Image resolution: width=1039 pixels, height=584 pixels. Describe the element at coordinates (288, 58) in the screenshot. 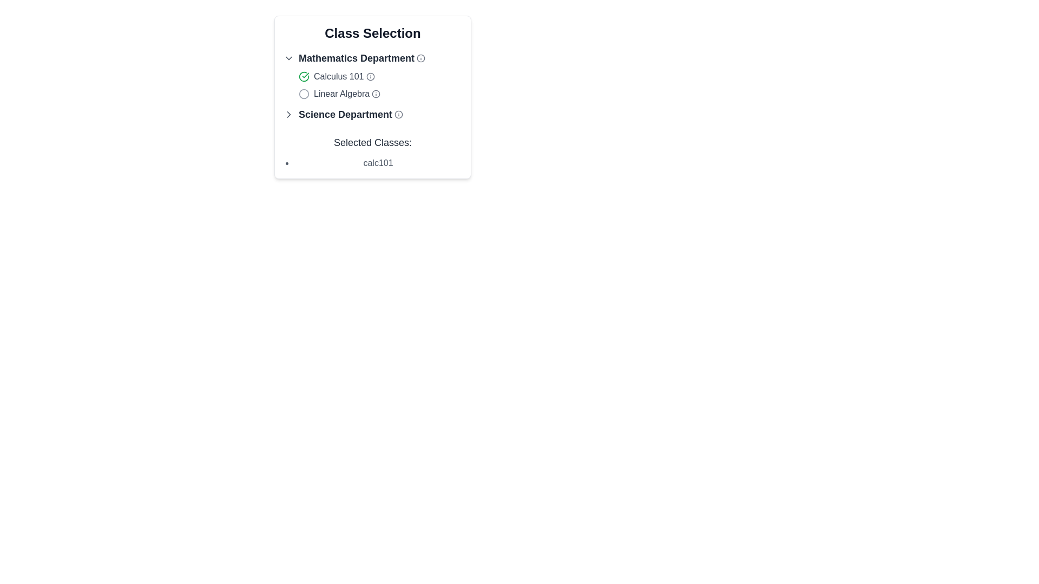

I see `the icon located on the left side of the header labeled 'Mathematics Department'` at that location.